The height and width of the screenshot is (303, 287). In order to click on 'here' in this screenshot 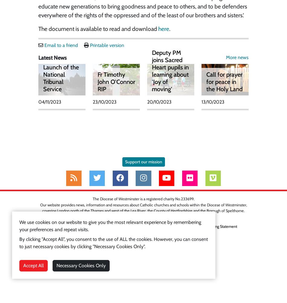, I will do `click(158, 28)`.